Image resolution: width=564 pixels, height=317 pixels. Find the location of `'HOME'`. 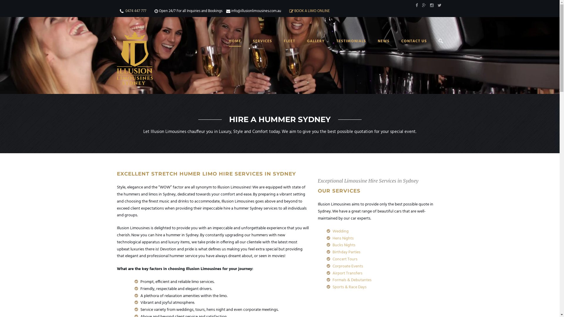

'HOME' is located at coordinates (234, 48).